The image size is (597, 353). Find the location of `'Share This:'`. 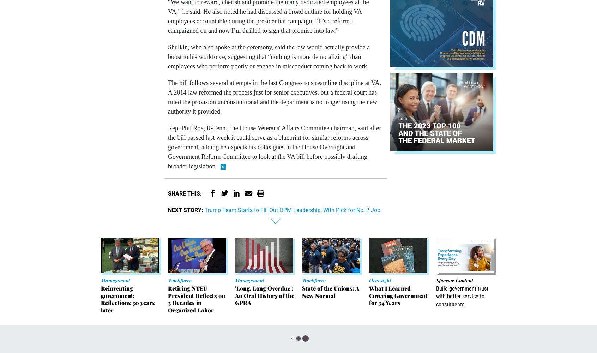

'Share This:' is located at coordinates (167, 193).